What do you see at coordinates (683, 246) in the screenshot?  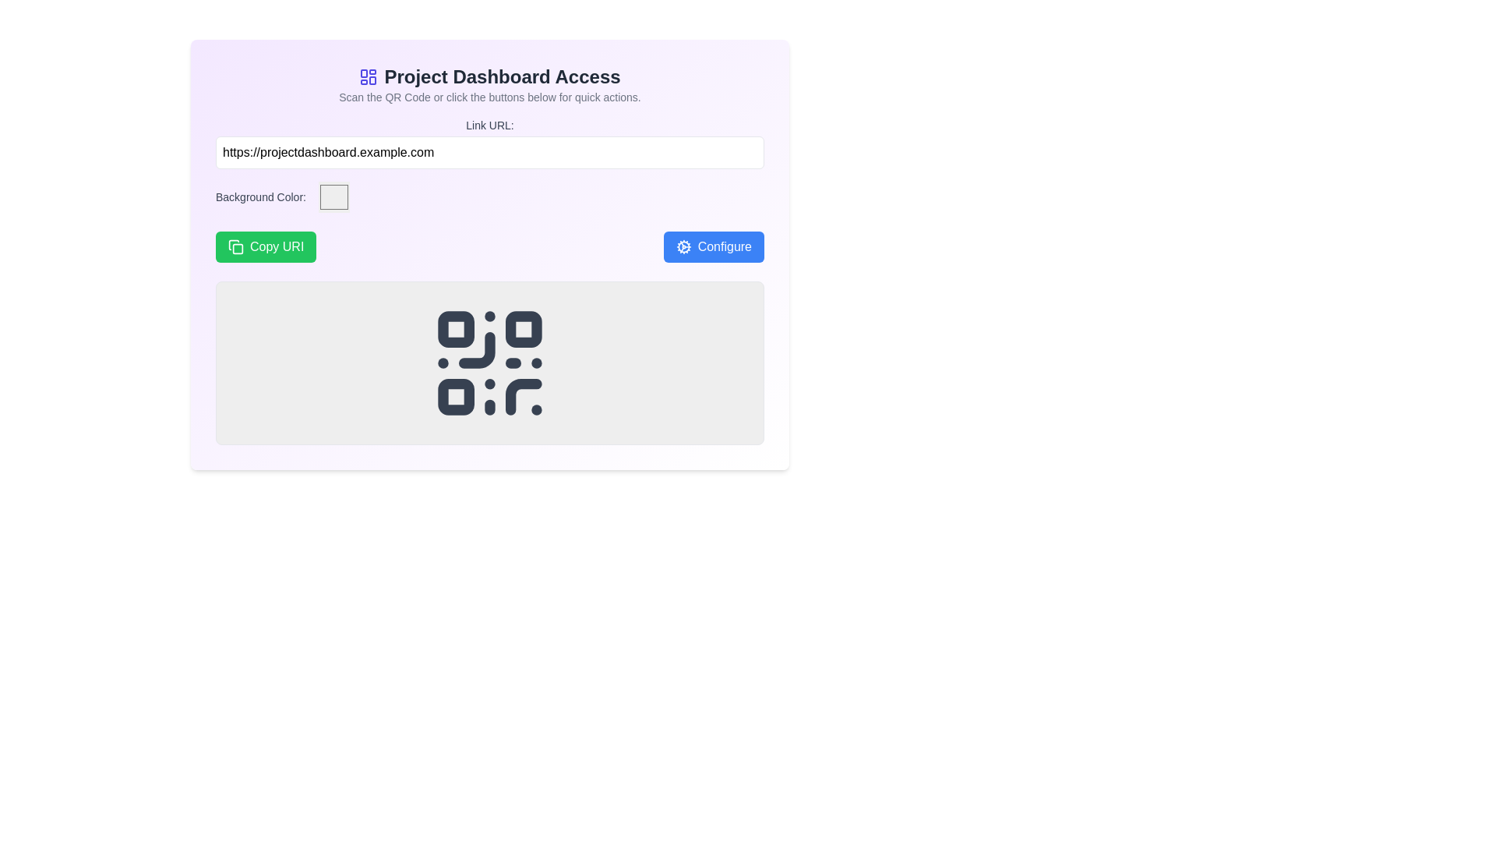 I see `the circular cog or gear icon with a hollow center in the top-right corner of the interface` at bounding box center [683, 246].